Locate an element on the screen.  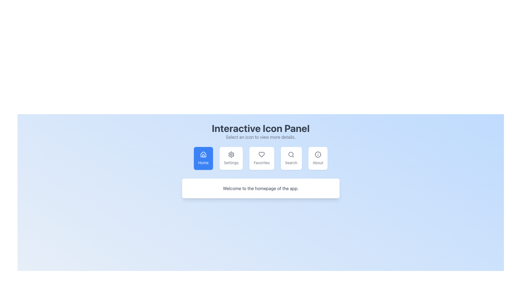
the 'Favorites' button is located at coordinates (260, 158).